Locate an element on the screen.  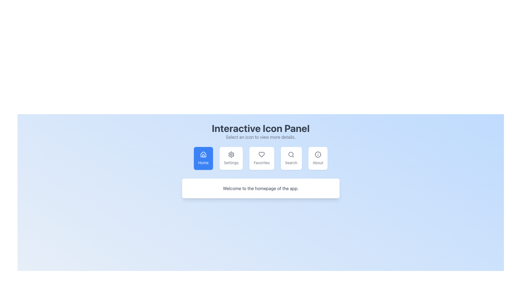
the 'Favorites' button is located at coordinates (260, 158).